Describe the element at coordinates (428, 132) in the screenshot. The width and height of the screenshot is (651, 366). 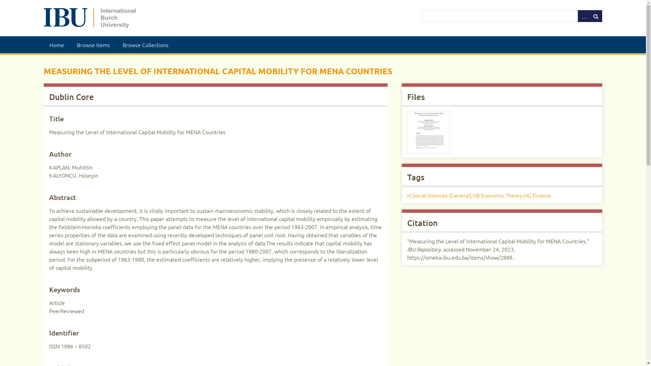
I see `'vol1-no1-p25-32.pdf'` at that location.